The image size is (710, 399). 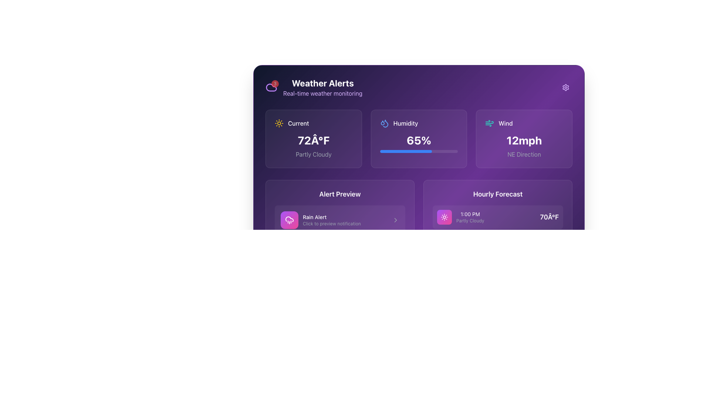 What do you see at coordinates (460, 276) in the screenshot?
I see `the Information Display Unit that shows the current time and weather condition on the weather monitoring dashboard, positioned at the bottom-right of the interface, to the left of the temperature display` at bounding box center [460, 276].